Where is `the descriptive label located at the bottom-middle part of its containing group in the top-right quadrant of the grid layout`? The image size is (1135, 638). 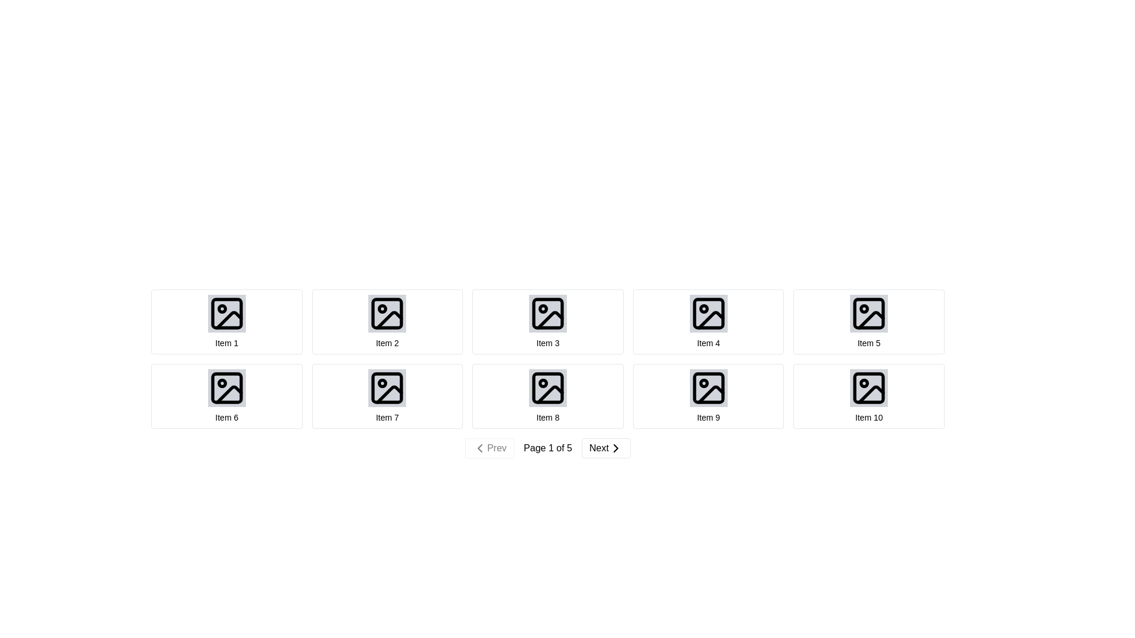 the descriptive label located at the bottom-middle part of its containing group in the top-right quadrant of the grid layout is located at coordinates (708, 343).